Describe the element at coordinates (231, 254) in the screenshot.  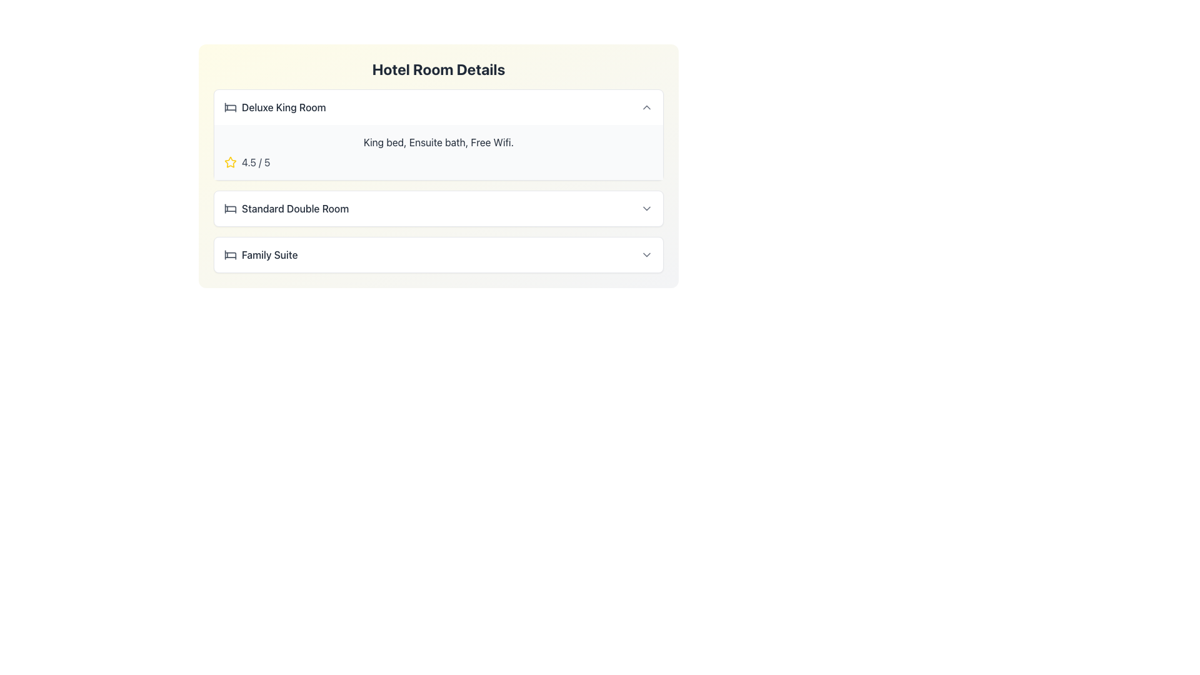
I see `the icon representing the 'bed' or 'room type' for 'Family Suite' located at the left side of the third row in the list` at that location.